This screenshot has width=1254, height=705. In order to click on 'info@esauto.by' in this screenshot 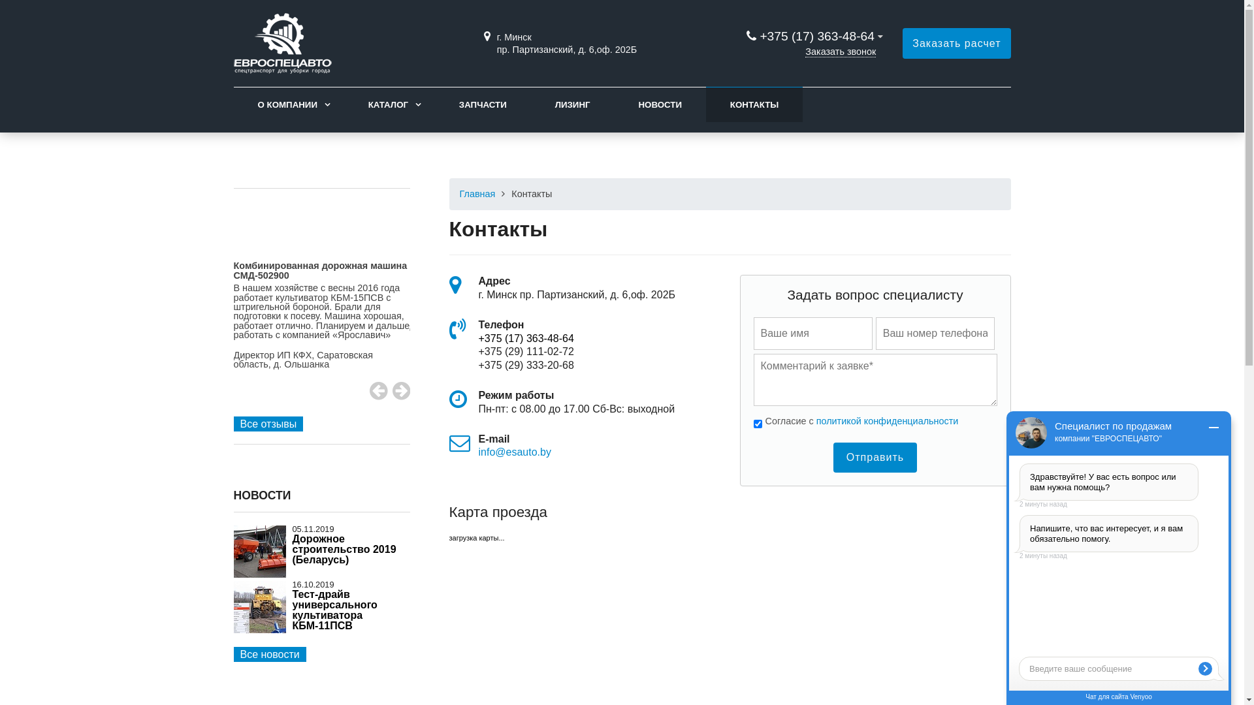, I will do `click(513, 451)`.